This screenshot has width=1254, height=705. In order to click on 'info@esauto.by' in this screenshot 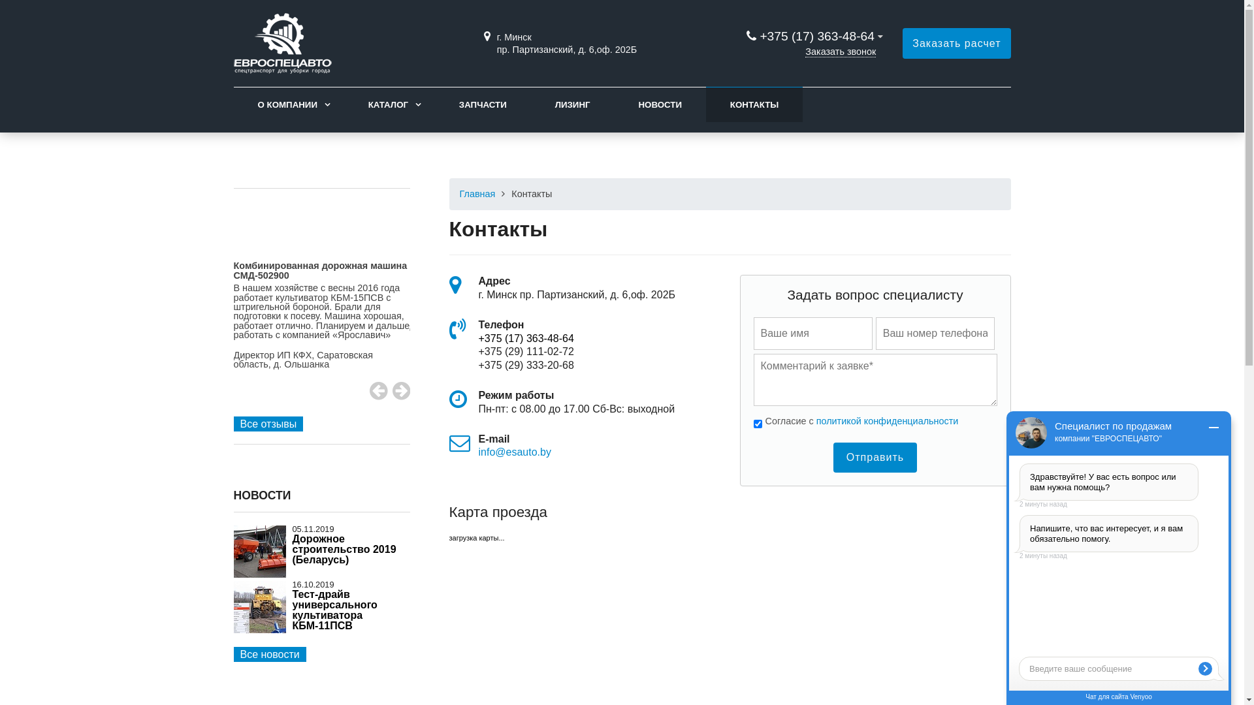, I will do `click(513, 451)`.